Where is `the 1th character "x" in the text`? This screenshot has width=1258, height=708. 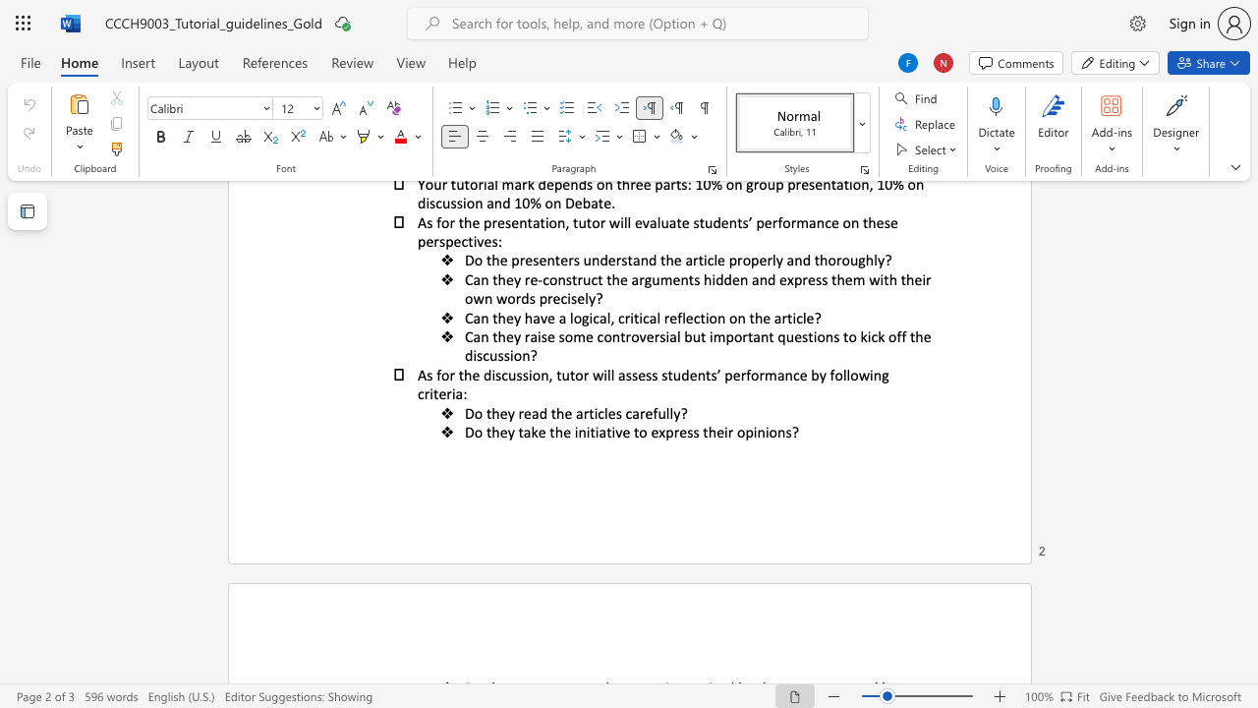 the 1th character "x" in the text is located at coordinates (661, 431).